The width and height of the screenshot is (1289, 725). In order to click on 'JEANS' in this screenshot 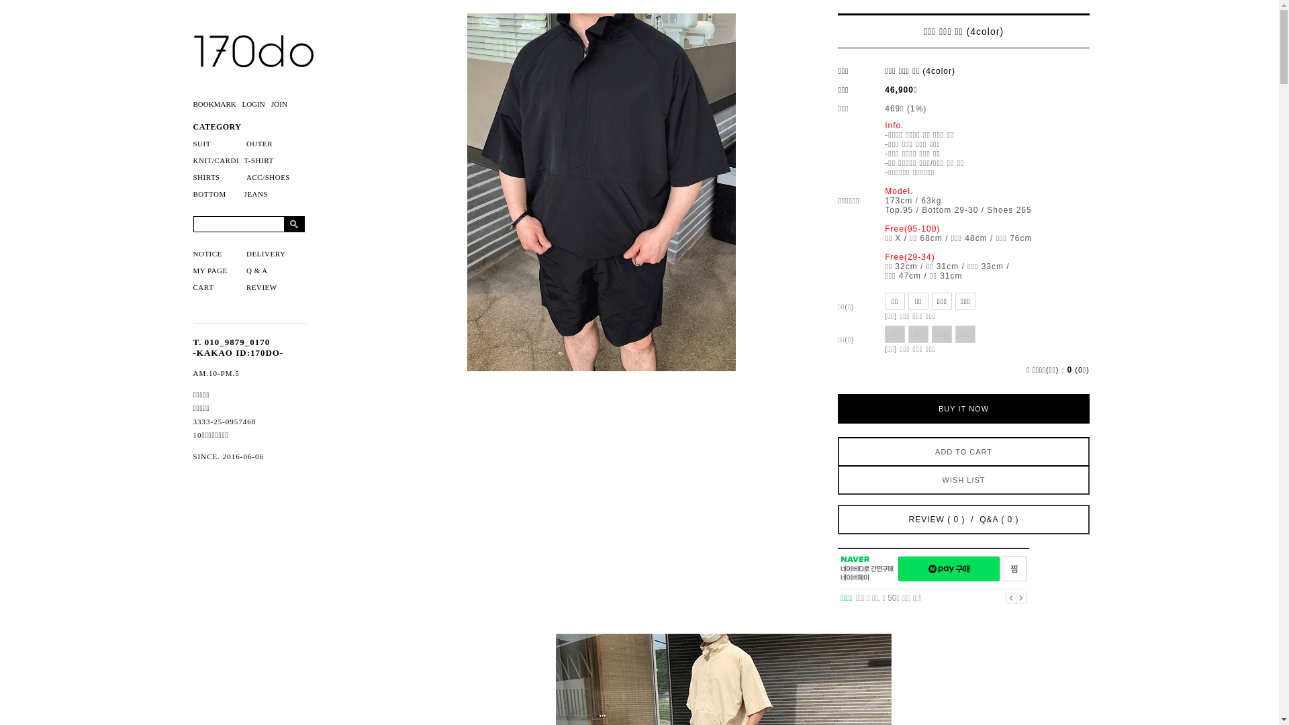, I will do `click(256, 194)`.